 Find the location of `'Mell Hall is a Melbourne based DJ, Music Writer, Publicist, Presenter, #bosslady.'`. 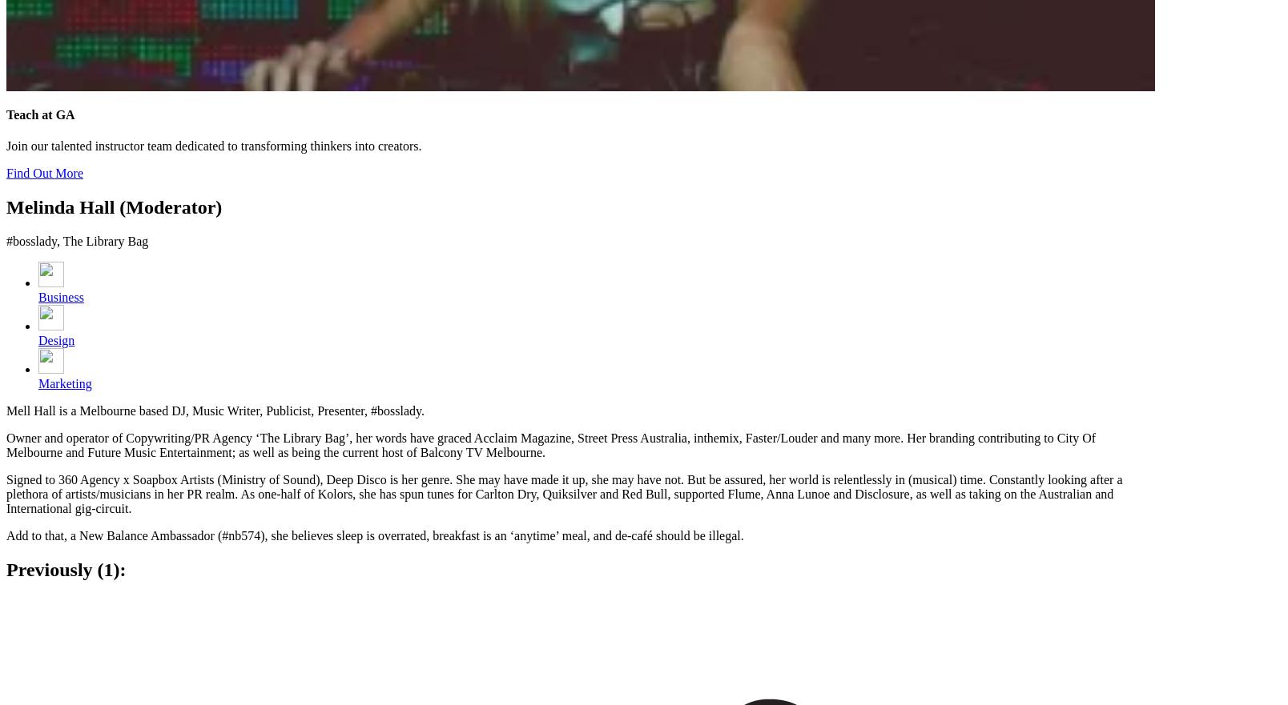

'Mell Hall is a Melbourne based DJ, Music Writer, Publicist, Presenter, #bosslady.' is located at coordinates (215, 411).